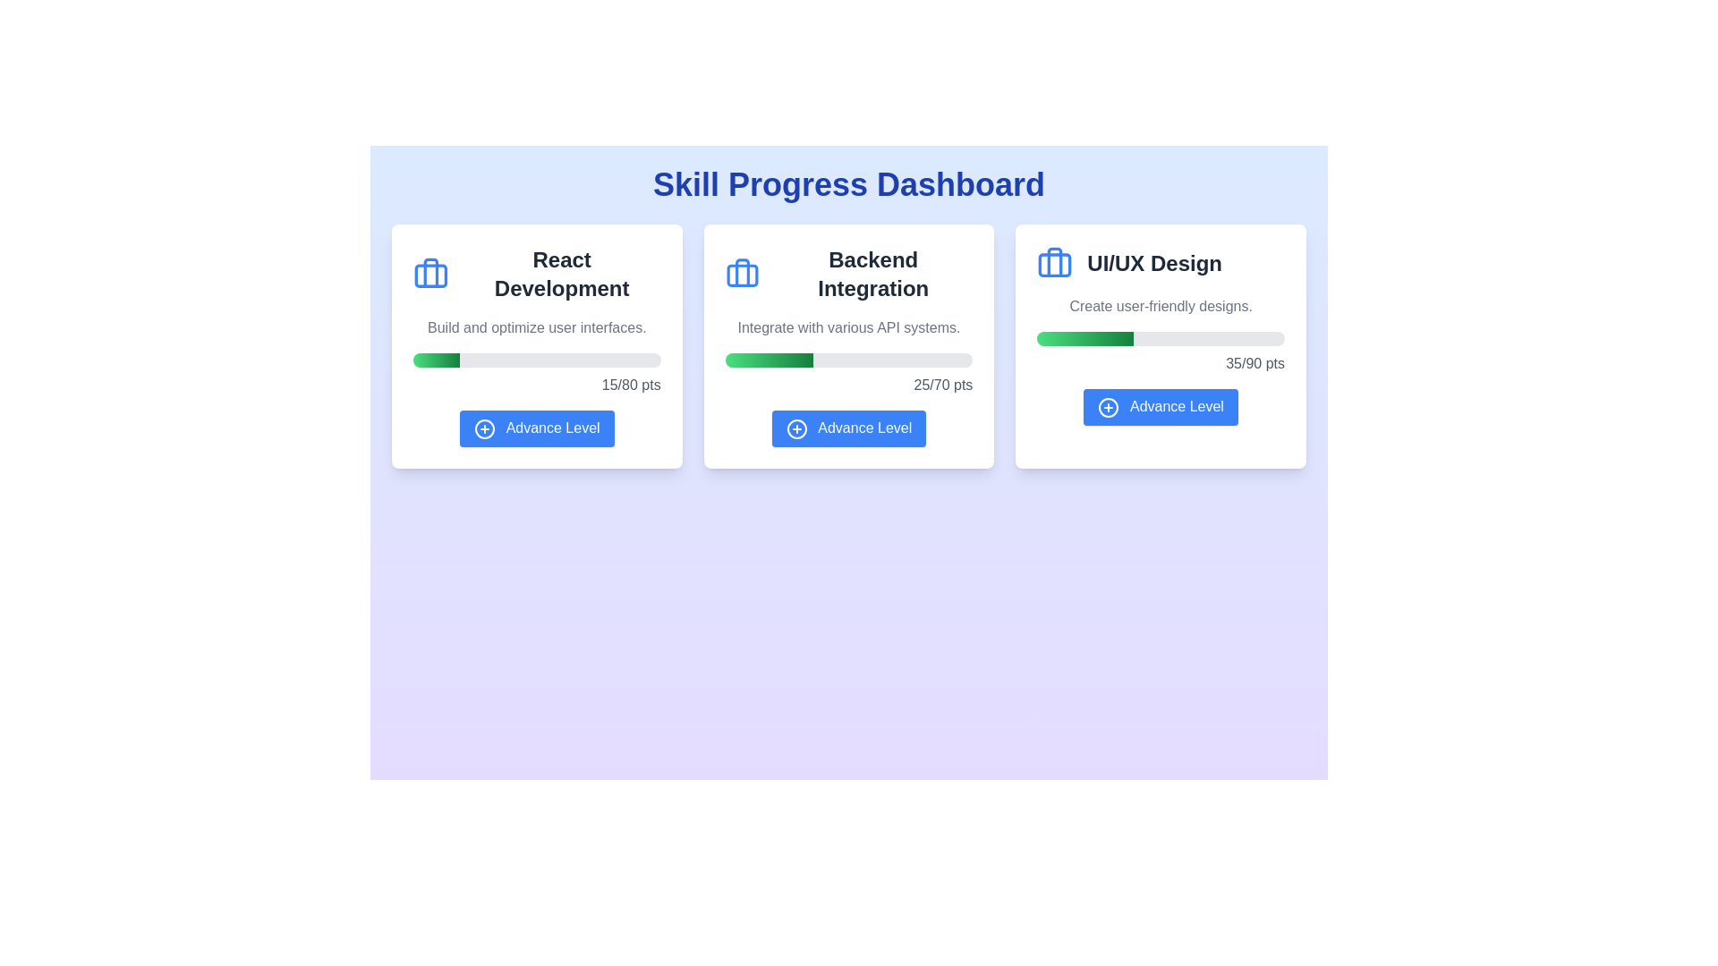 This screenshot has width=1718, height=966. What do you see at coordinates (430, 273) in the screenshot?
I see `the vertical rectangular figure within the briefcase icon, which is positioned above the 'React Development' section header, and is the leftmost of three horizontally aligned icons` at bounding box center [430, 273].